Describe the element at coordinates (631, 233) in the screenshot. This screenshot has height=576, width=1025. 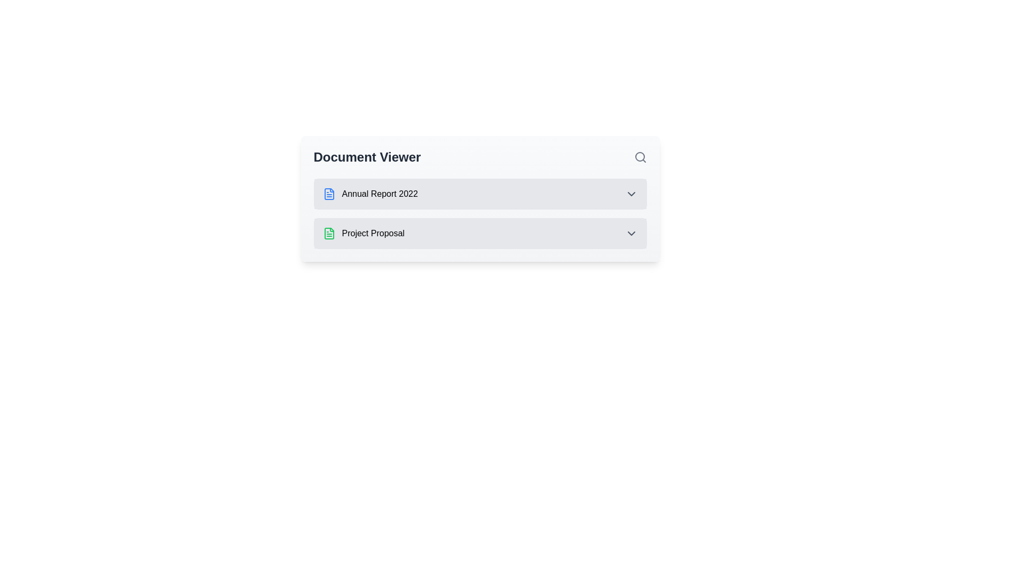
I see `the downward-facing chevron icon located at the right side of the 'Project Proposal' row in the 'Document Viewer' interface` at that location.